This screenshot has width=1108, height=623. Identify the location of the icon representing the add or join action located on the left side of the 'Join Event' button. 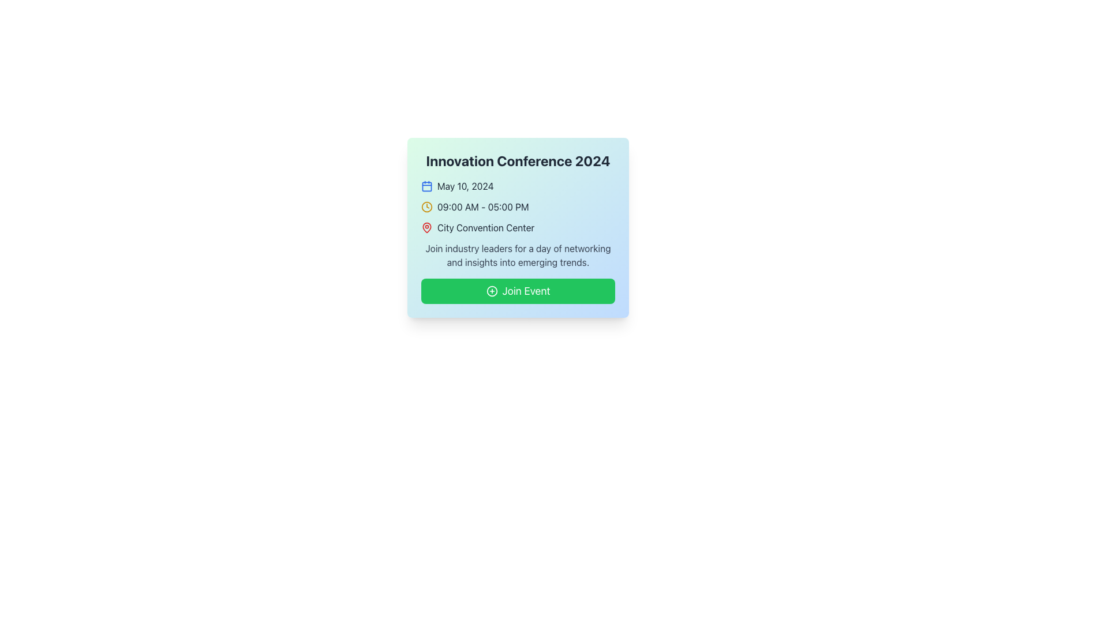
(492, 291).